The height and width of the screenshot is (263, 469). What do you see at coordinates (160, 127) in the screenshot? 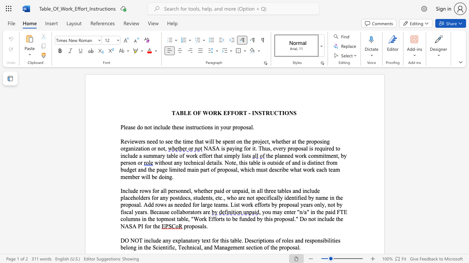
I see `the space between the continuous character "c" and "l" in the text` at bounding box center [160, 127].